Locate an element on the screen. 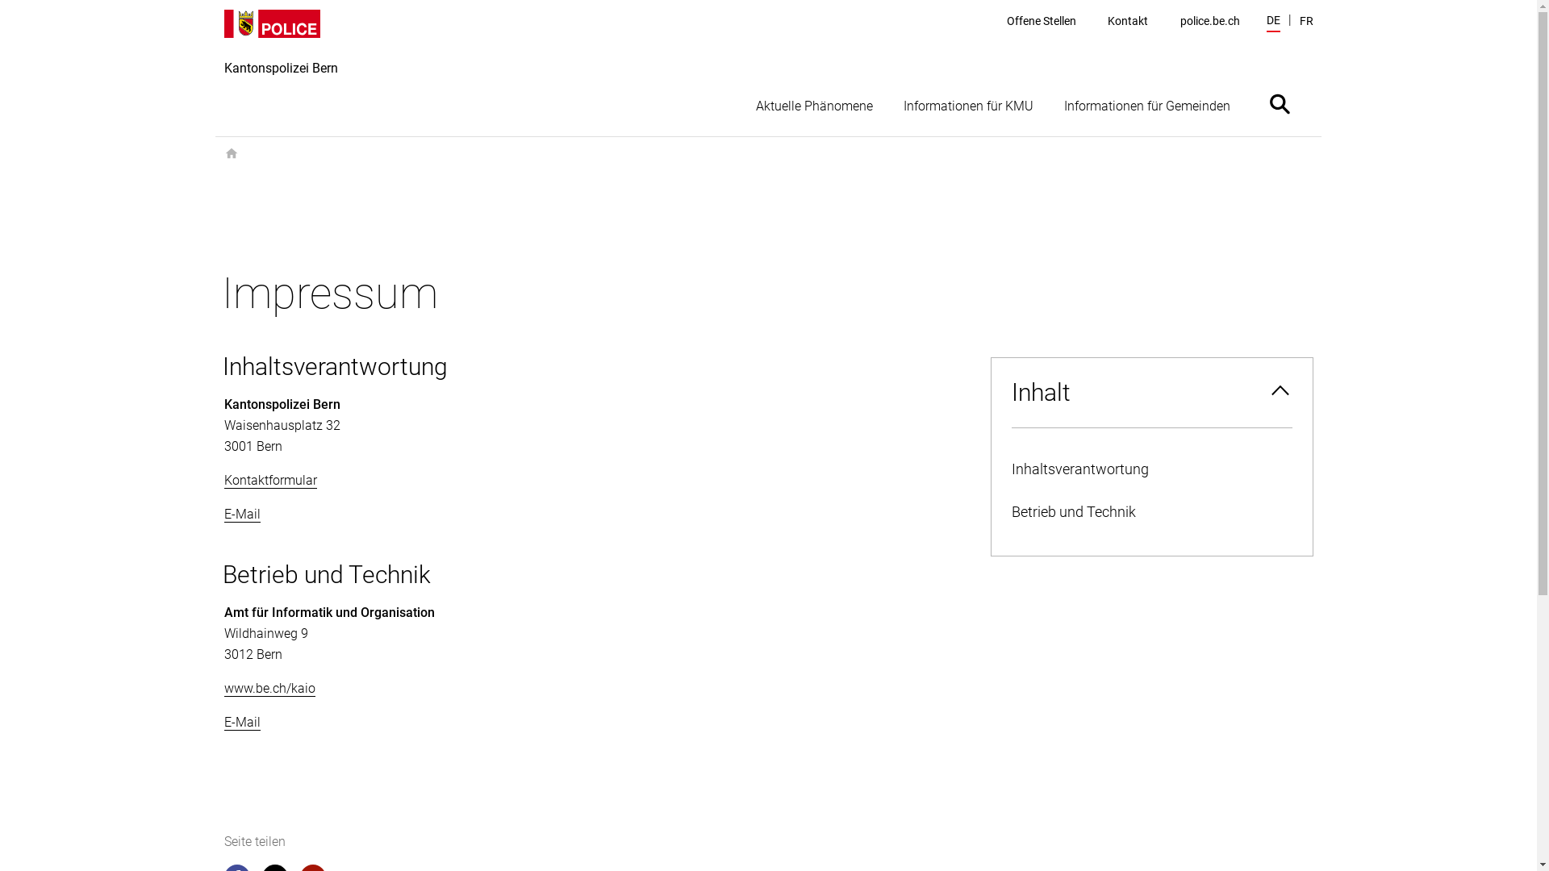 This screenshot has height=871, width=1549. 'police.be.ch' is located at coordinates (1209, 21).